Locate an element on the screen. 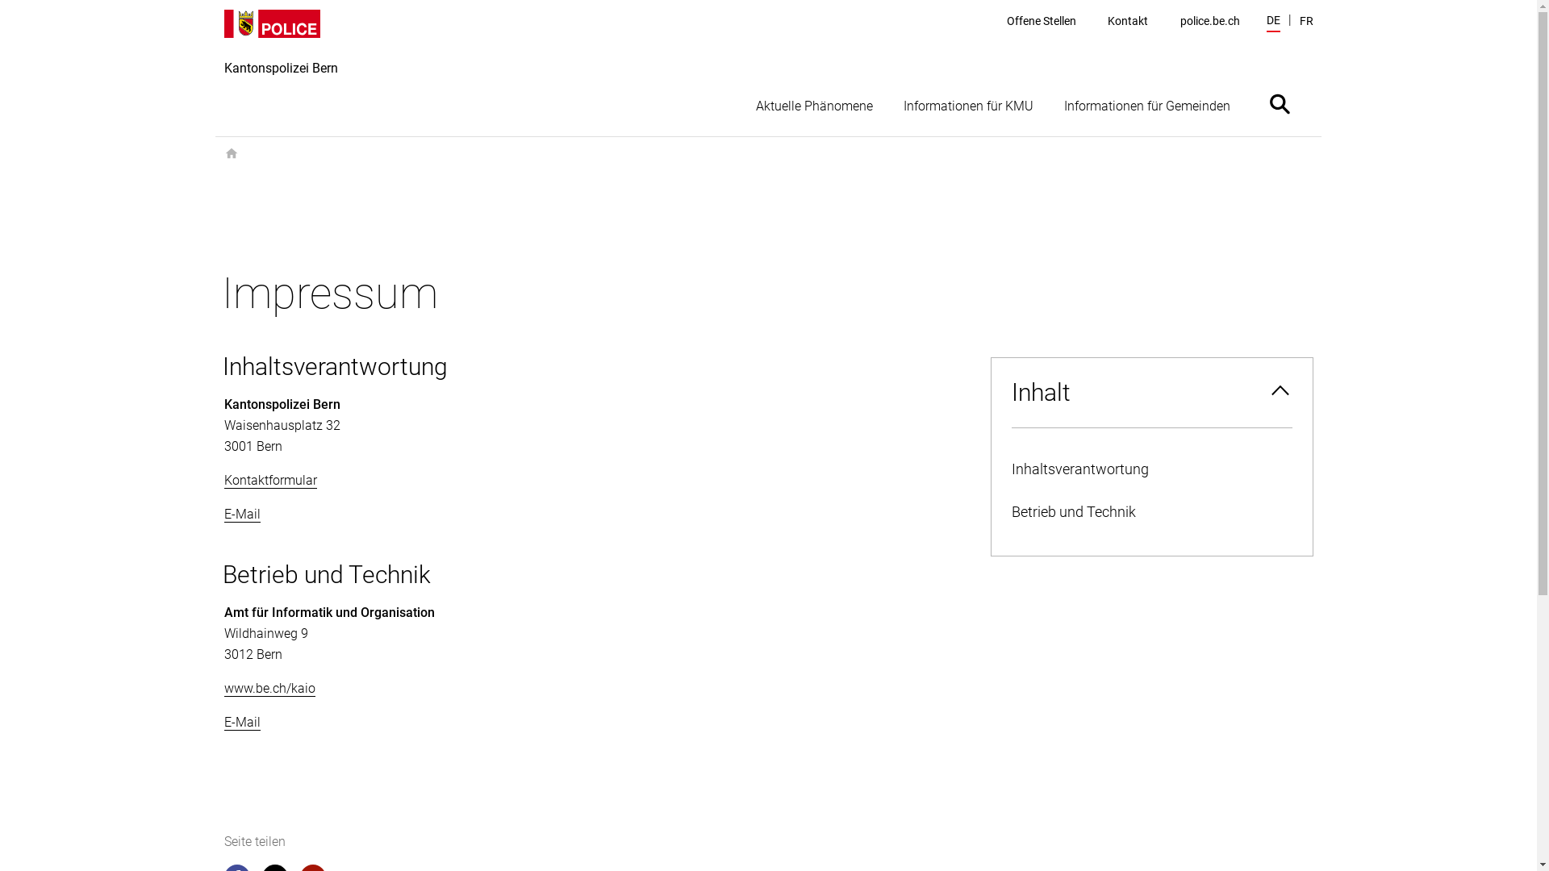 This screenshot has height=871, width=1549. 'police.be.ch' is located at coordinates (1209, 21).